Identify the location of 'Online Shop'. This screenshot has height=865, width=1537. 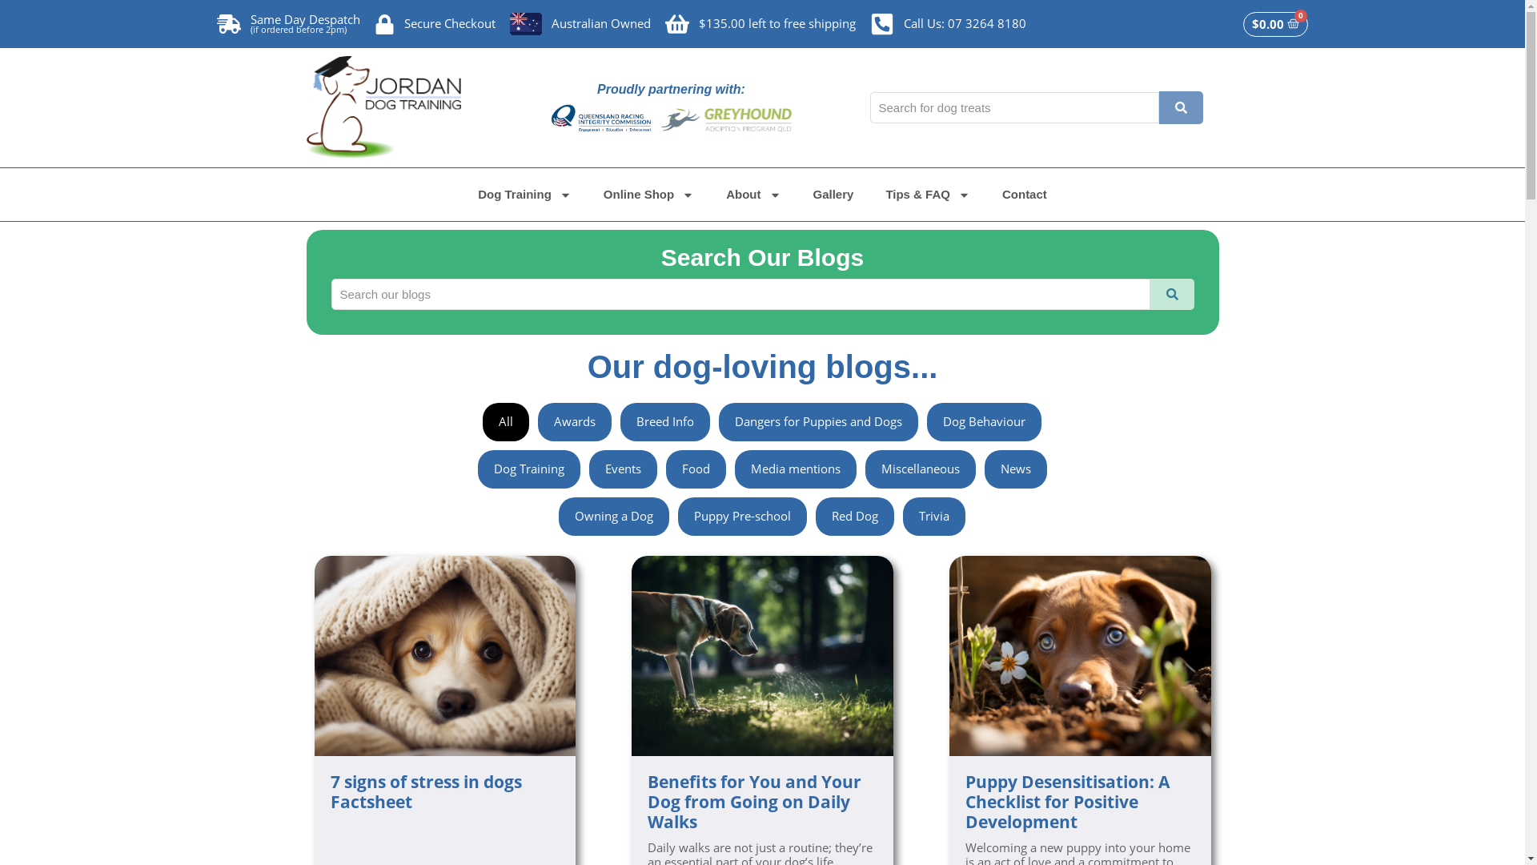
(648, 194).